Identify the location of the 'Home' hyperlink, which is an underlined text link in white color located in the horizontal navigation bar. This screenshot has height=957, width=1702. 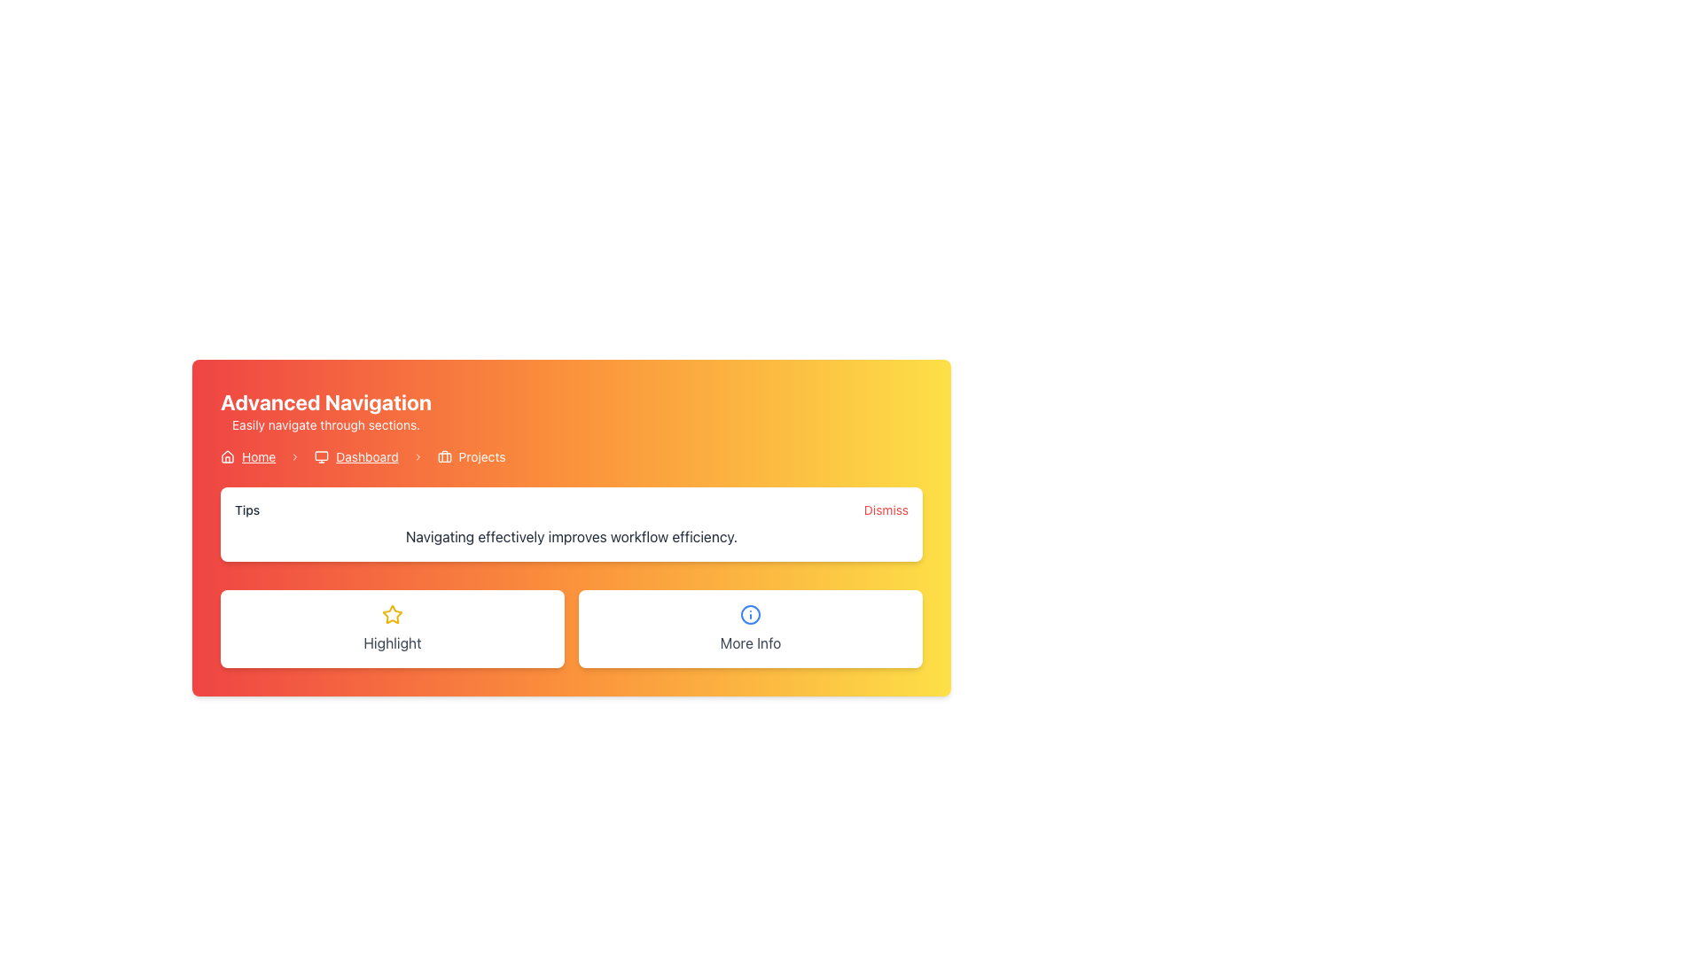
(258, 456).